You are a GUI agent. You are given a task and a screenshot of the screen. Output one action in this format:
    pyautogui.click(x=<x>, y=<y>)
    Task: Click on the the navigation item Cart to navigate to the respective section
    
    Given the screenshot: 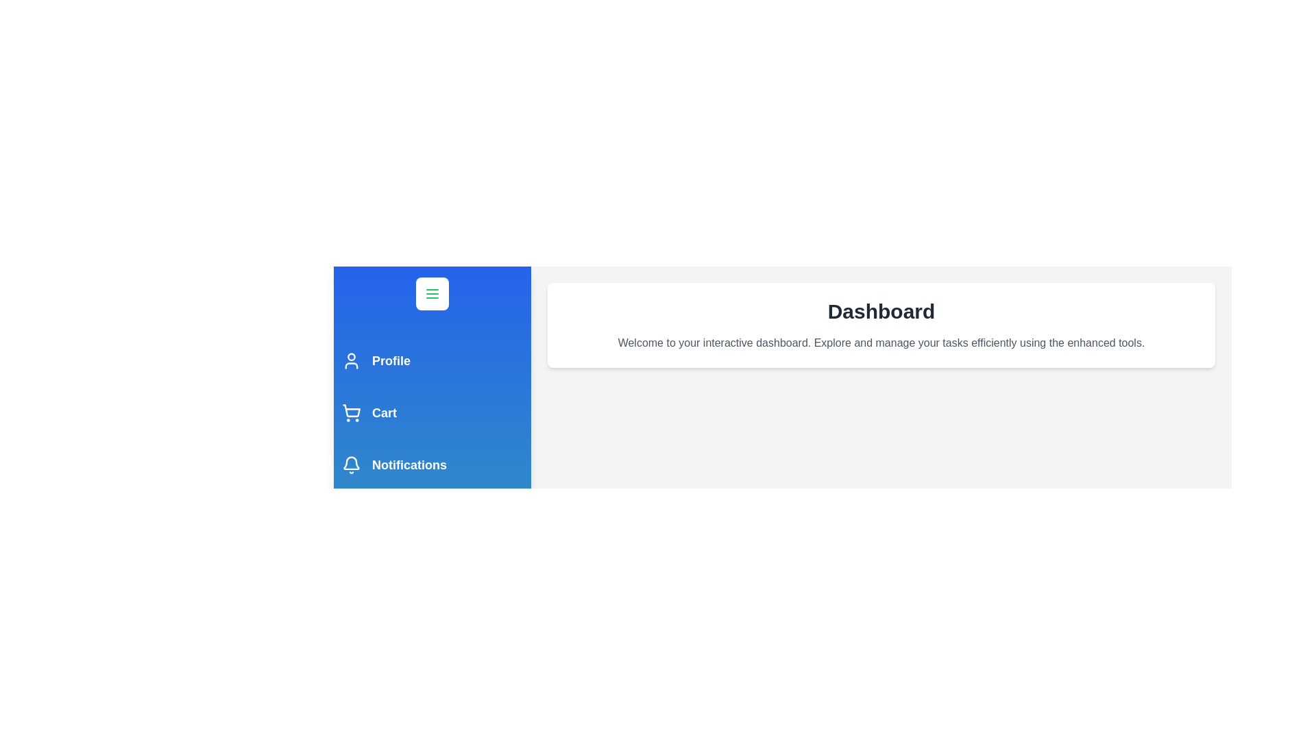 What is the action you would take?
    pyautogui.click(x=431, y=412)
    